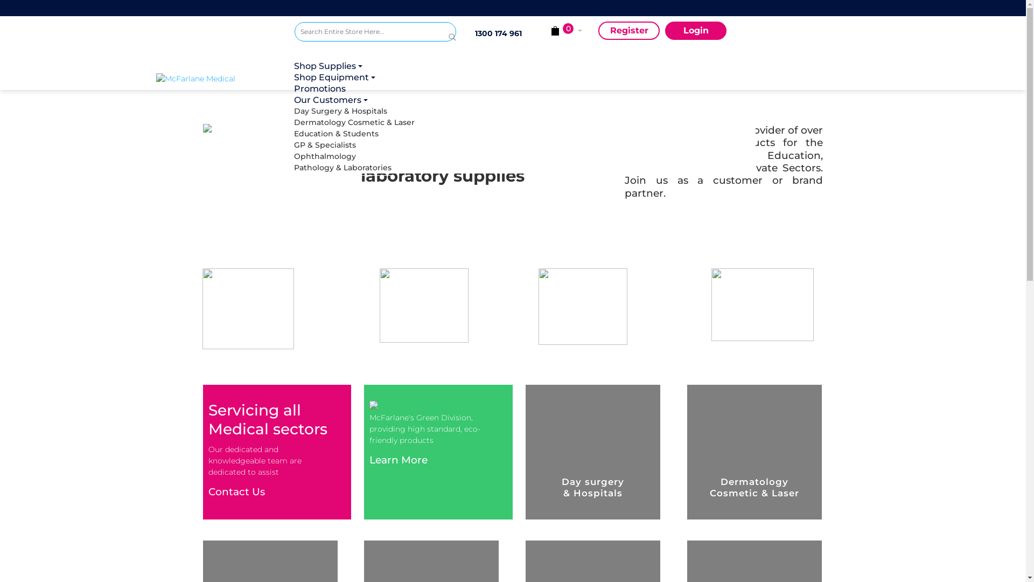 Image resolution: width=1034 pixels, height=582 pixels. What do you see at coordinates (329, 66) in the screenshot?
I see `'Shop Supplies  '` at bounding box center [329, 66].